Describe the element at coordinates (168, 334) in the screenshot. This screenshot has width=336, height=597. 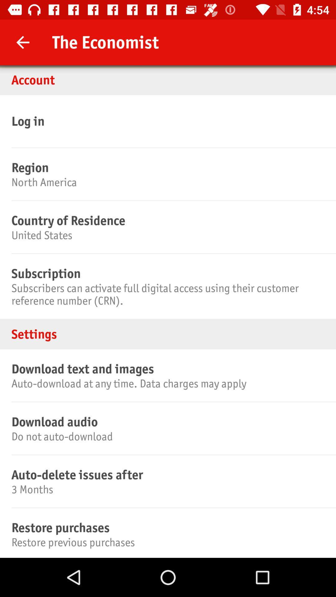
I see `the settings item` at that location.